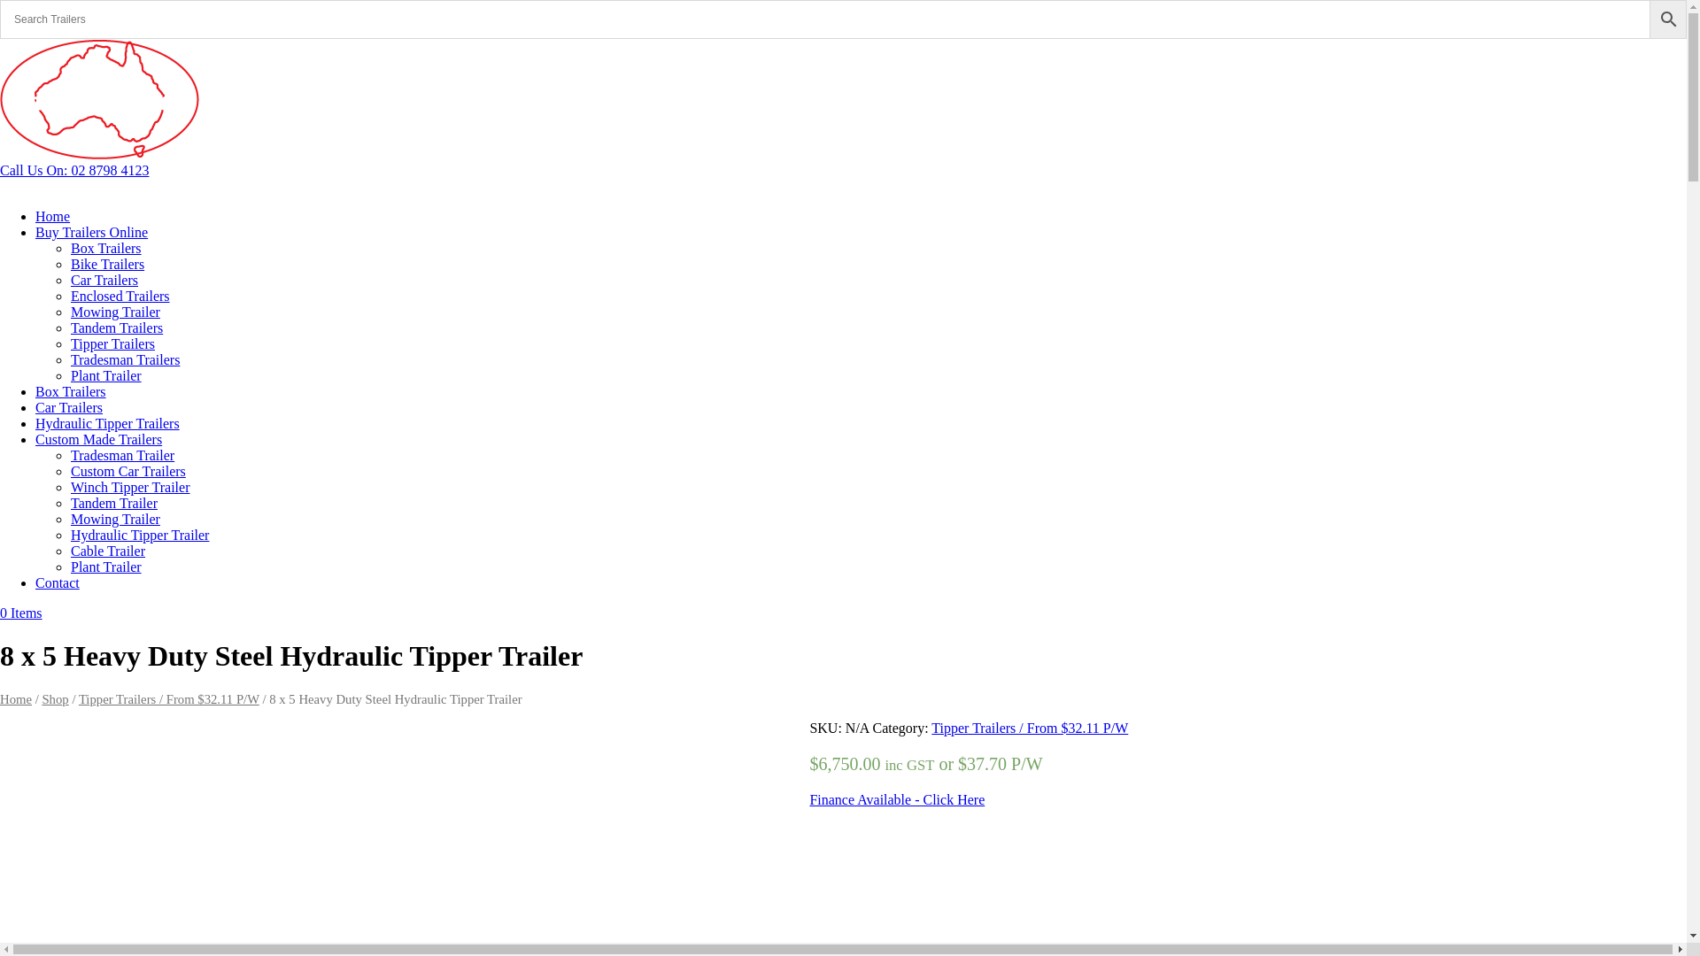 Image resolution: width=1700 pixels, height=956 pixels. What do you see at coordinates (114, 311) in the screenshot?
I see `'Mowing Trailer'` at bounding box center [114, 311].